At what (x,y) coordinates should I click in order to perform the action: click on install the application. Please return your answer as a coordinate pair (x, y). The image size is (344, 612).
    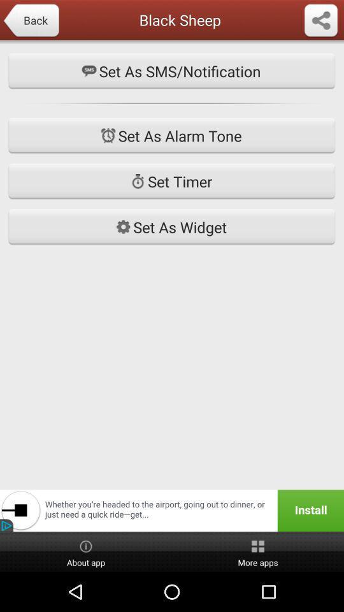
    Looking at the image, I should click on (172, 511).